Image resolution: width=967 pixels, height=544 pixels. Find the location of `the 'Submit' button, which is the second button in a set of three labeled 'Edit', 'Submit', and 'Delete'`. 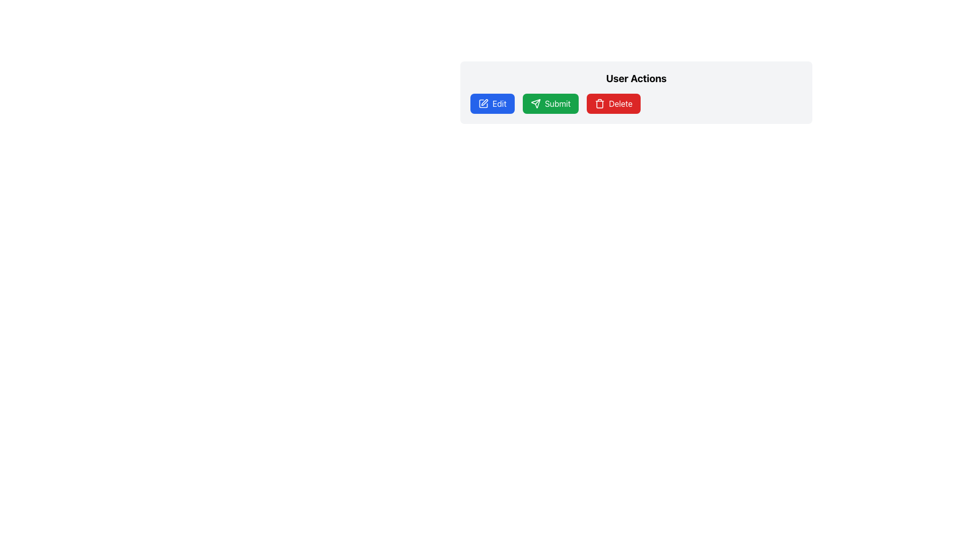

the 'Submit' button, which is the second button in a set of three labeled 'Edit', 'Submit', and 'Delete' is located at coordinates (550, 103).